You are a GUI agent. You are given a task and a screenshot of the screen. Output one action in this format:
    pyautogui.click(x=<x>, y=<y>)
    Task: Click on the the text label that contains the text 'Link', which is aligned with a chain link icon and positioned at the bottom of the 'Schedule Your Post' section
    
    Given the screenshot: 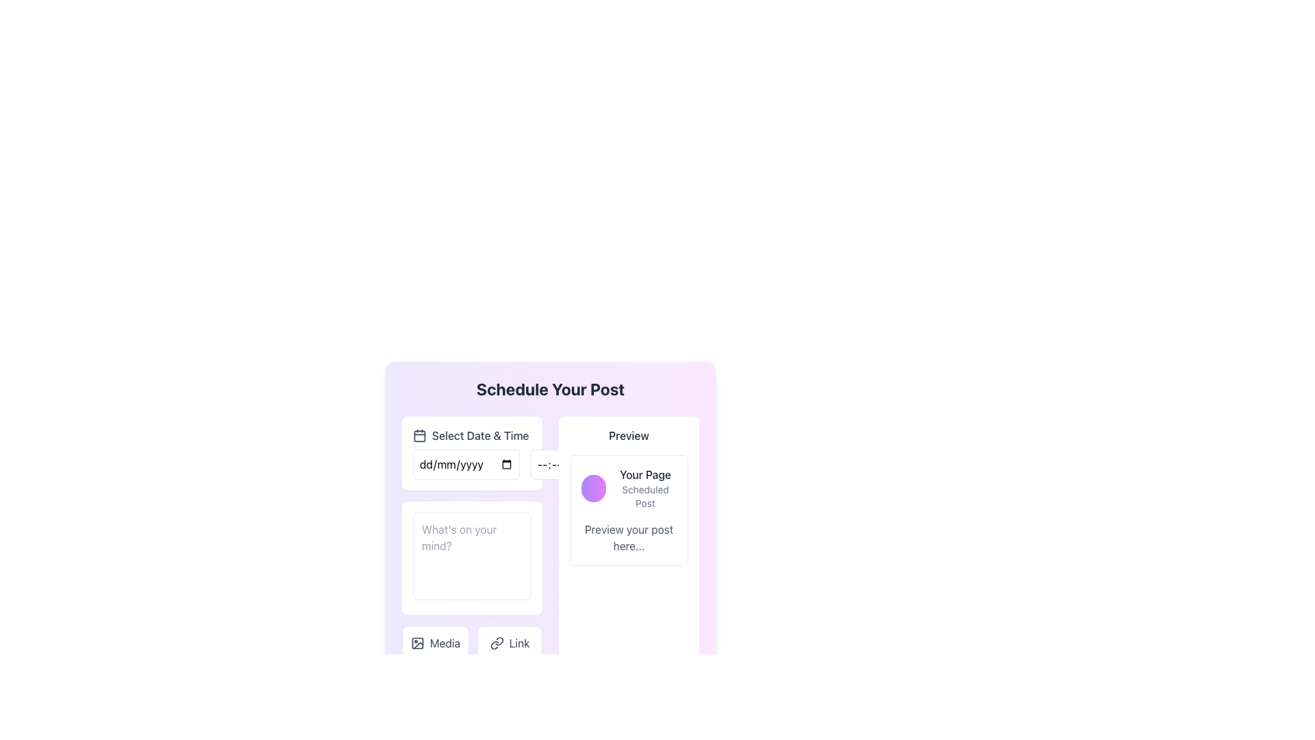 What is the action you would take?
    pyautogui.click(x=518, y=643)
    